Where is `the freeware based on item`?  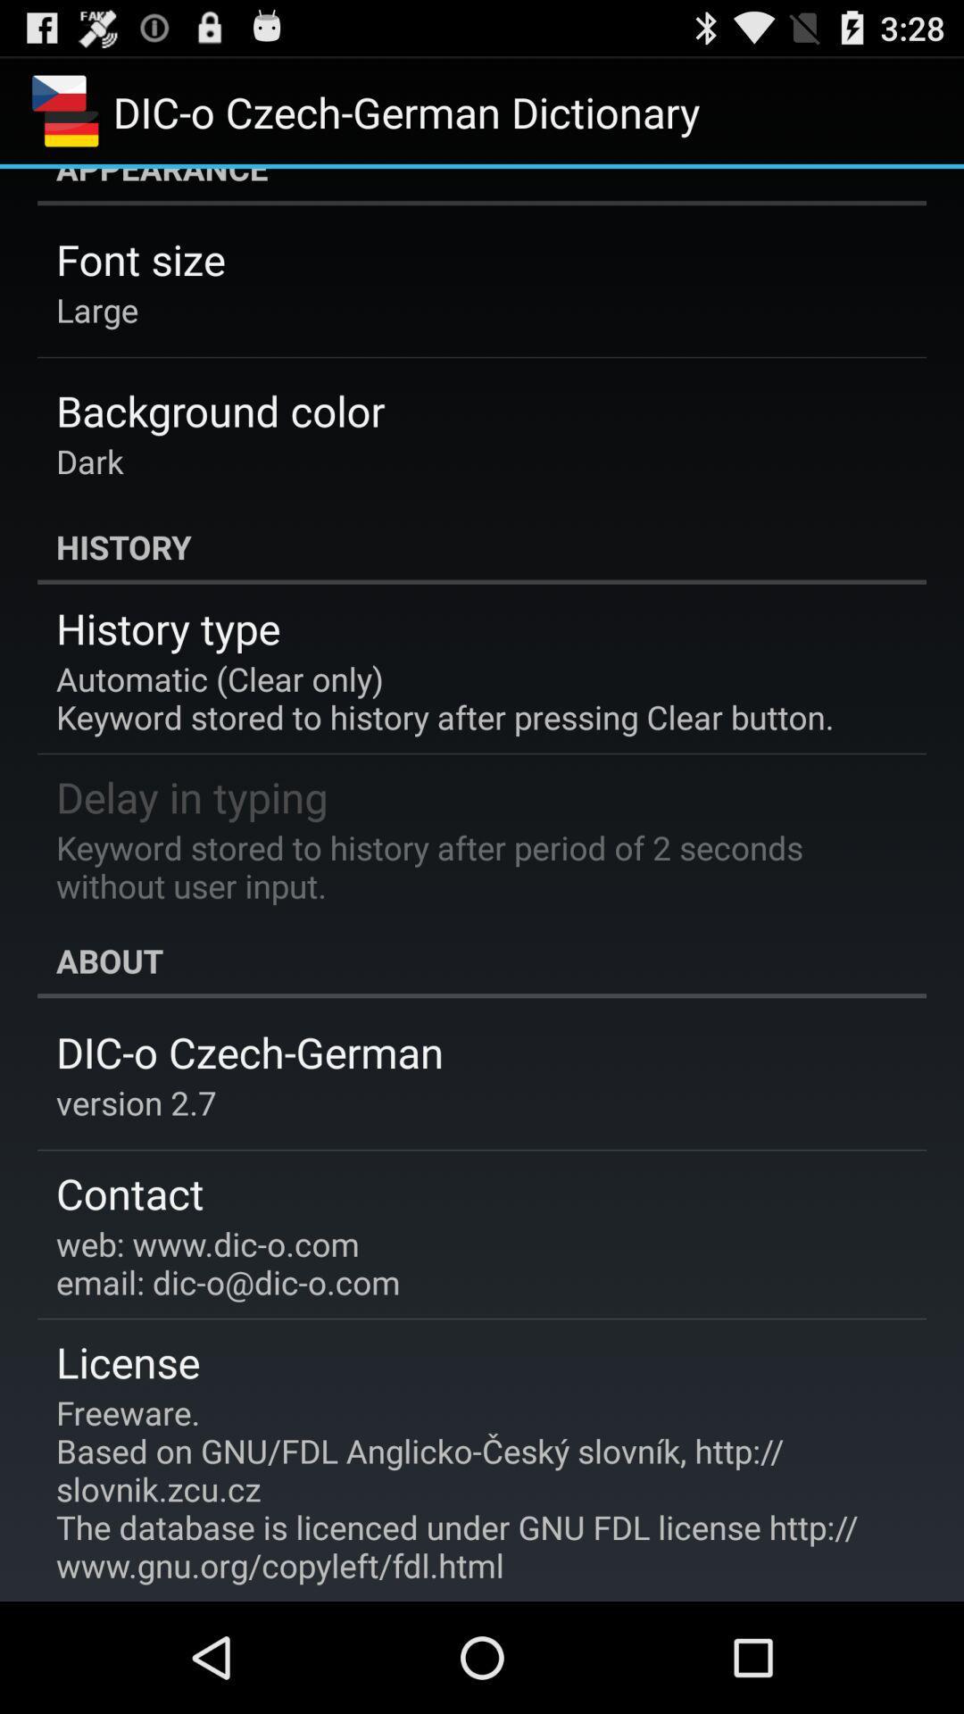 the freeware based on item is located at coordinates (469, 1489).